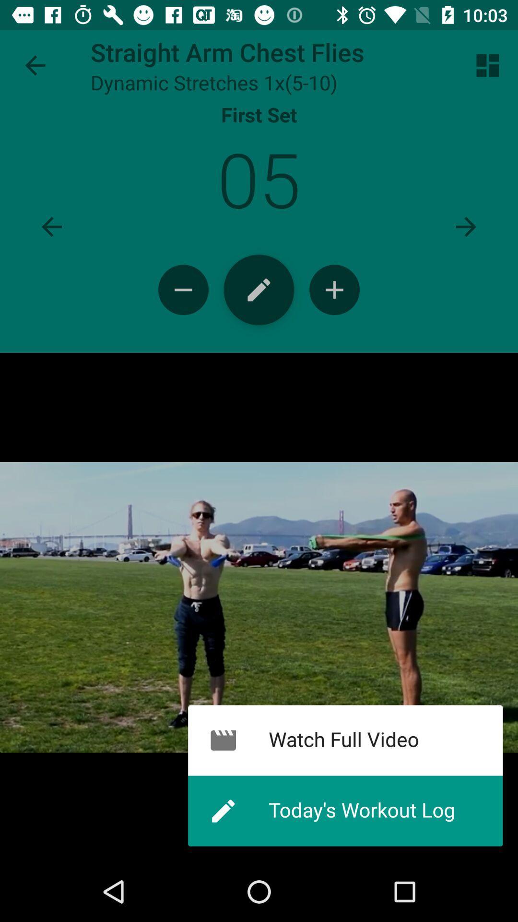 The image size is (518, 922). Describe the element at coordinates (259, 289) in the screenshot. I see `log` at that location.